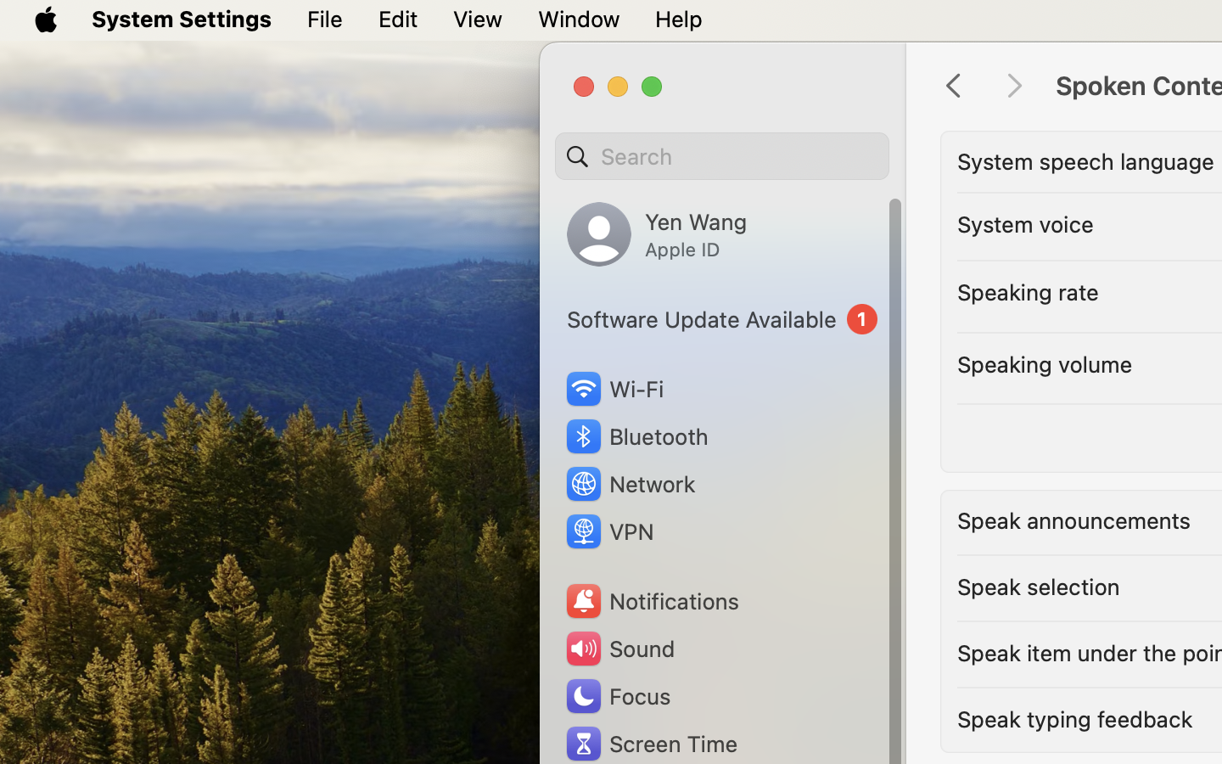 The width and height of the screenshot is (1222, 764). I want to click on 'System speech language', so click(1085, 160).